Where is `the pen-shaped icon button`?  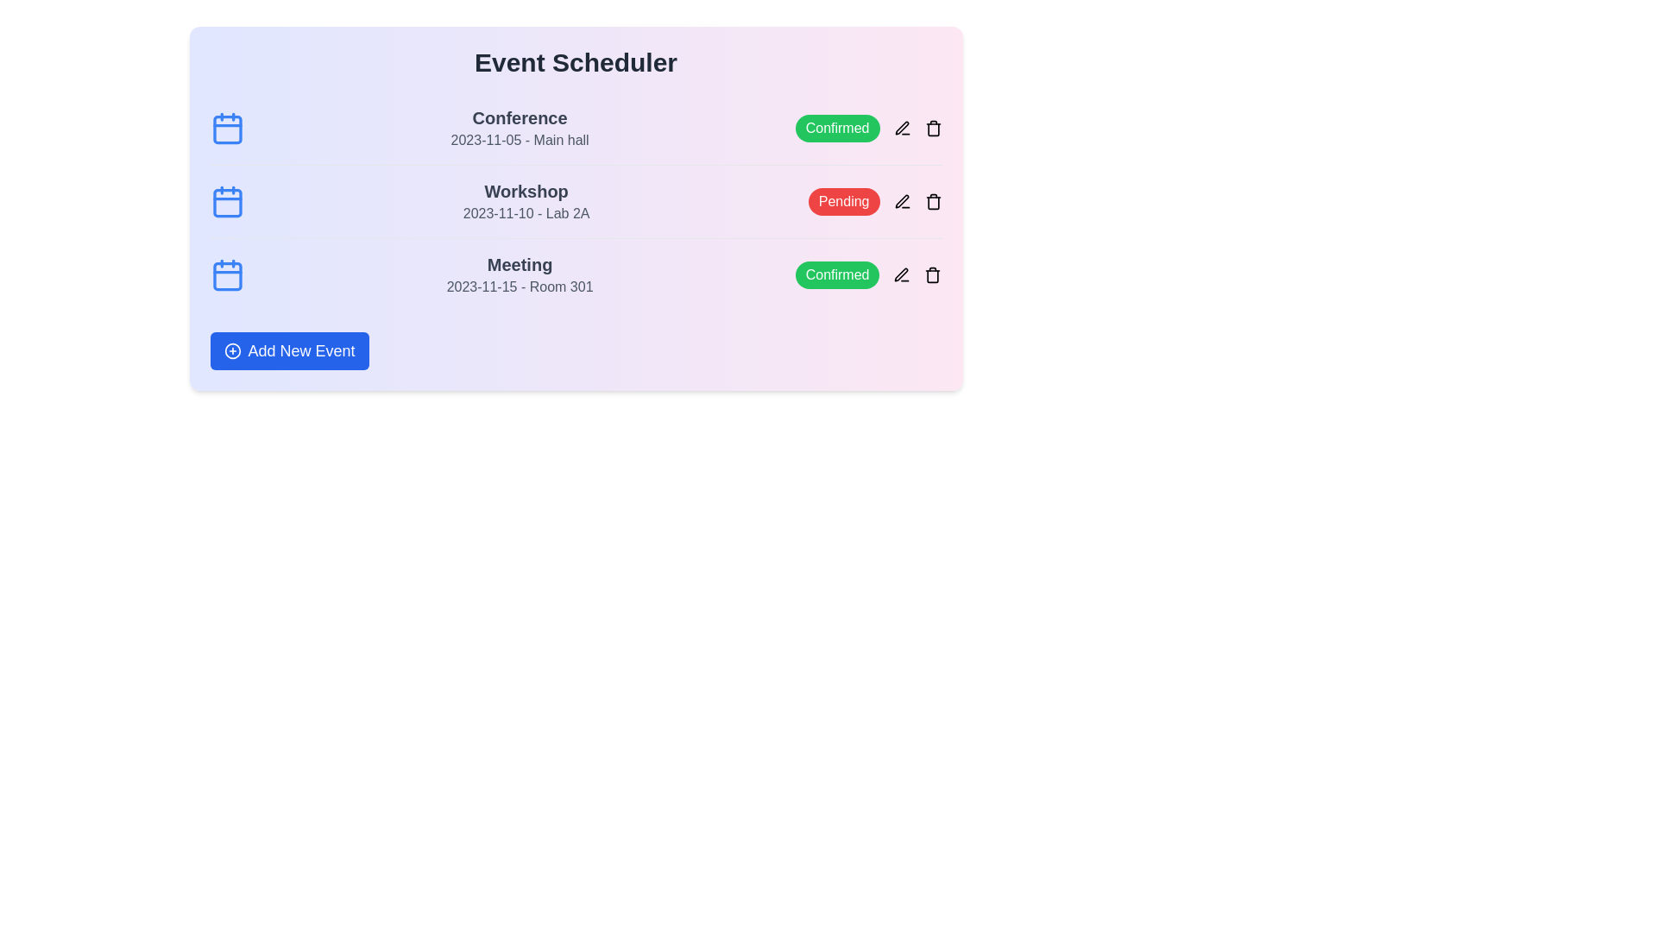
the pen-shaped icon button is located at coordinates (901, 128).